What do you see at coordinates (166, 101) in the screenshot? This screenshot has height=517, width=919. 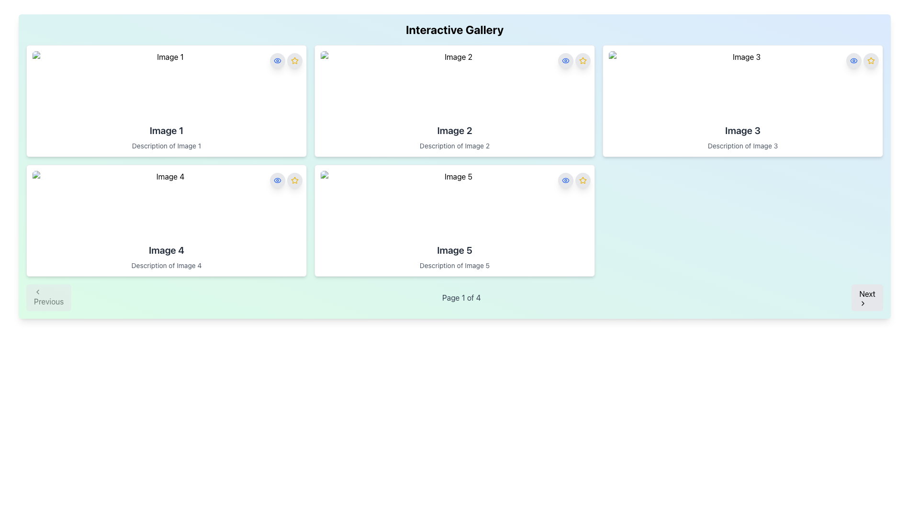 I see `the first Card element in the gallery grid` at bounding box center [166, 101].